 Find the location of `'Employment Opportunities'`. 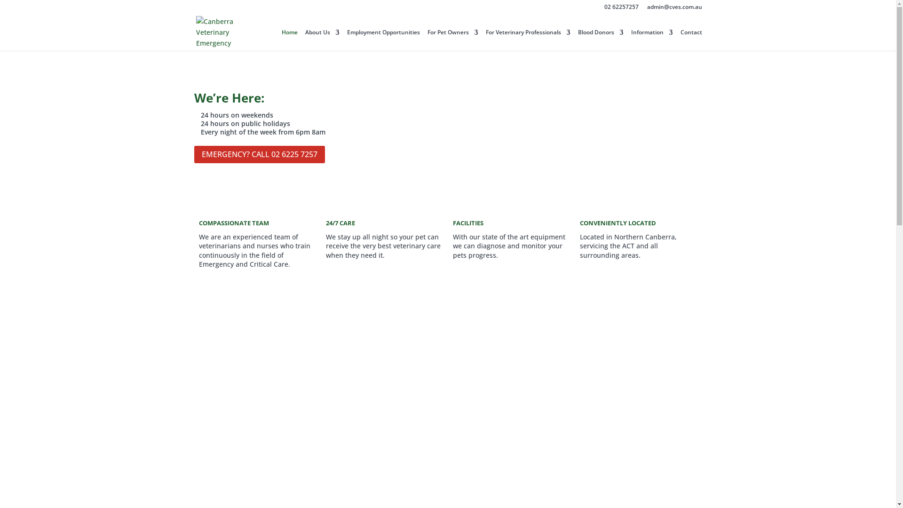

'Employment Opportunities' is located at coordinates (347, 40).